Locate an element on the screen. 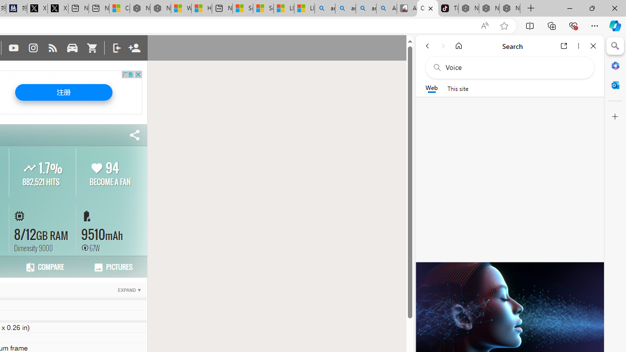  'Nordace Siena Pro 15 Backpack' is located at coordinates (489, 8).